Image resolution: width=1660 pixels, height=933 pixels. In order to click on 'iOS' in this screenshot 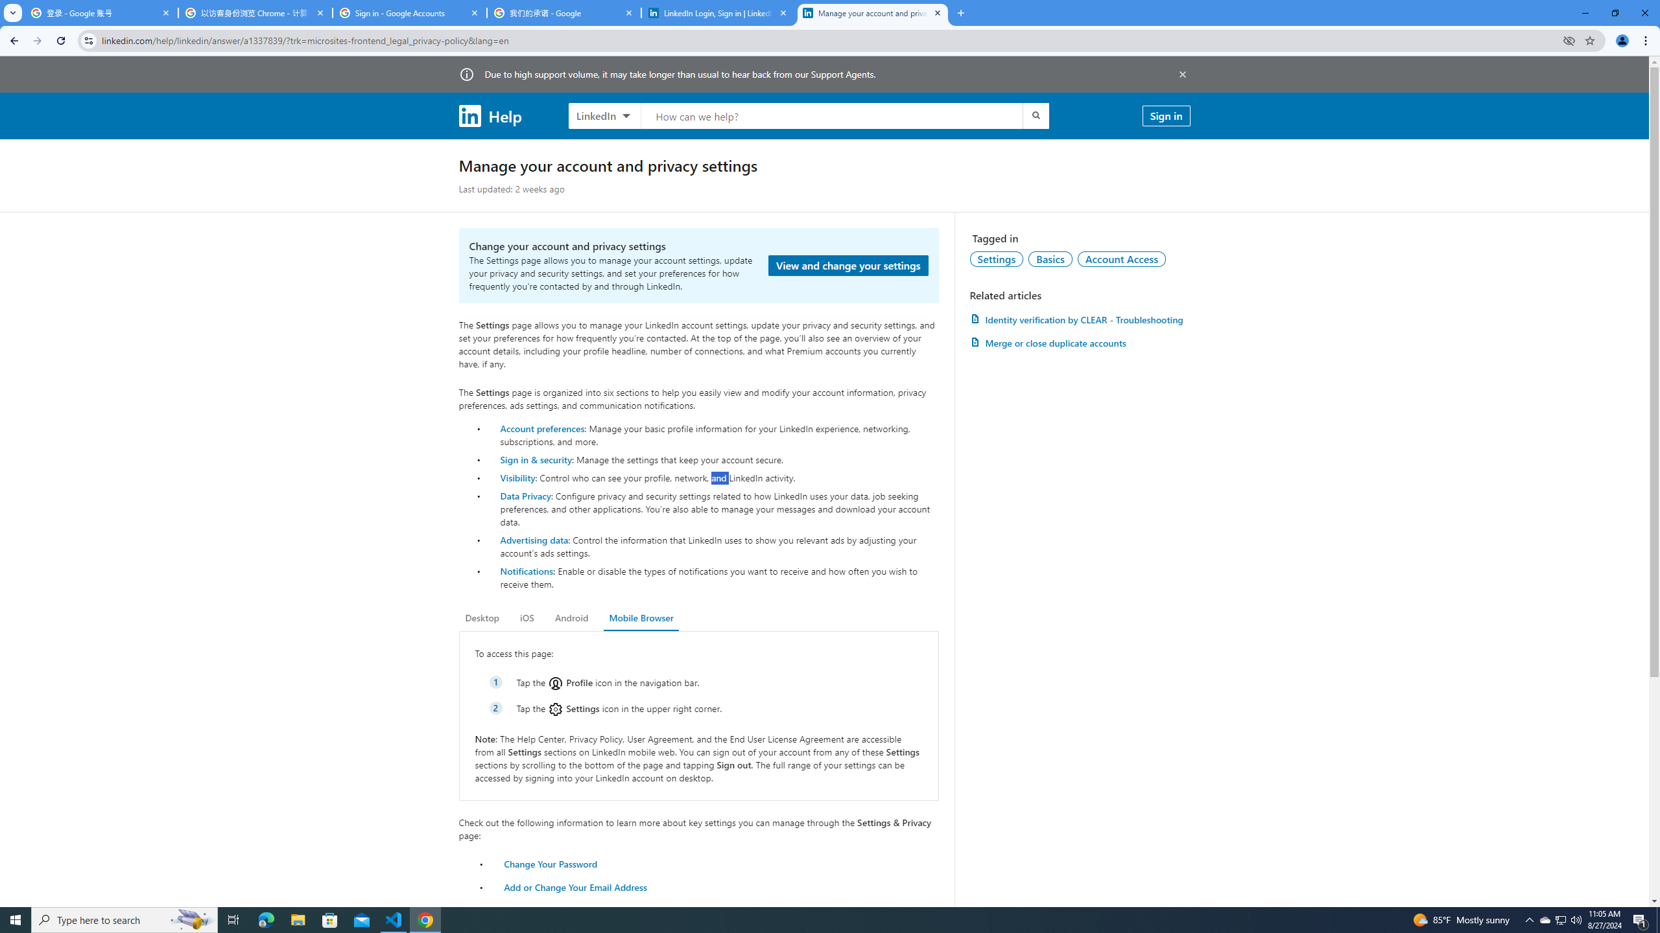, I will do `click(526, 617)`.